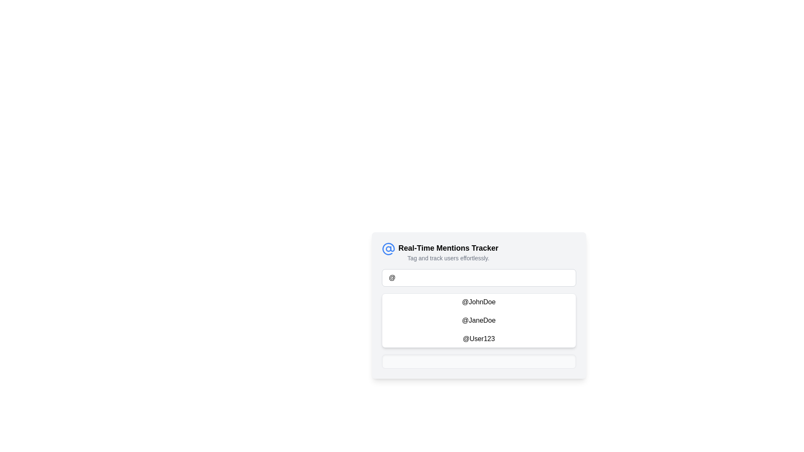 The height and width of the screenshot is (452, 804). What do you see at coordinates (479, 252) in the screenshot?
I see `the title and description text block for the real-time mentions tracking system, located near the top of the card-like section, adjacent to the at-sign icon` at bounding box center [479, 252].